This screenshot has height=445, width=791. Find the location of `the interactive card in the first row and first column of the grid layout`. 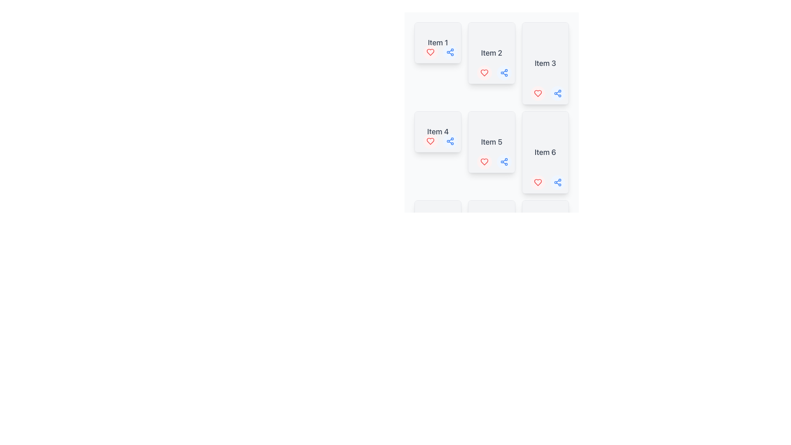

the interactive card in the first row and first column of the grid layout is located at coordinates (438, 43).